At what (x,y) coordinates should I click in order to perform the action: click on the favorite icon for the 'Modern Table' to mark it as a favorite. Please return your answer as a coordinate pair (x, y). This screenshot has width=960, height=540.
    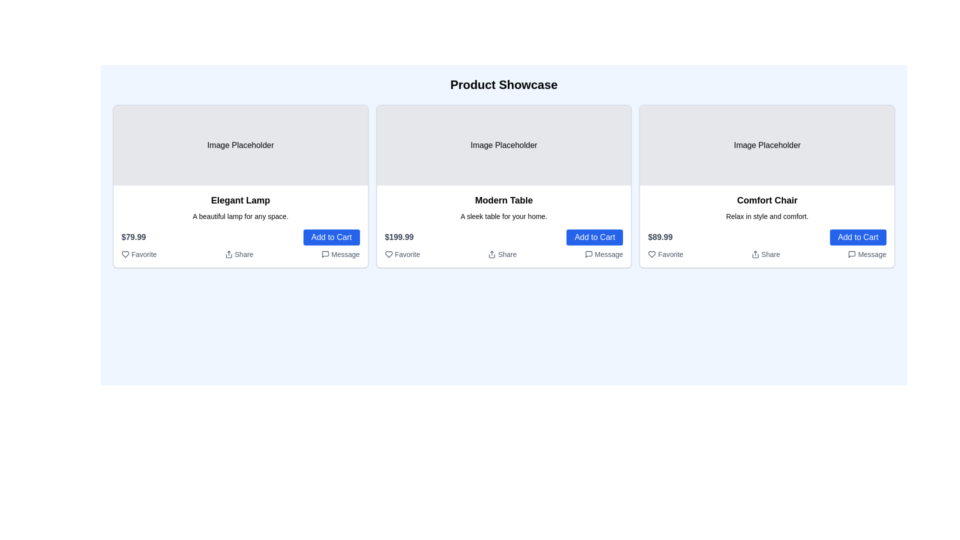
    Looking at the image, I should click on (388, 254).